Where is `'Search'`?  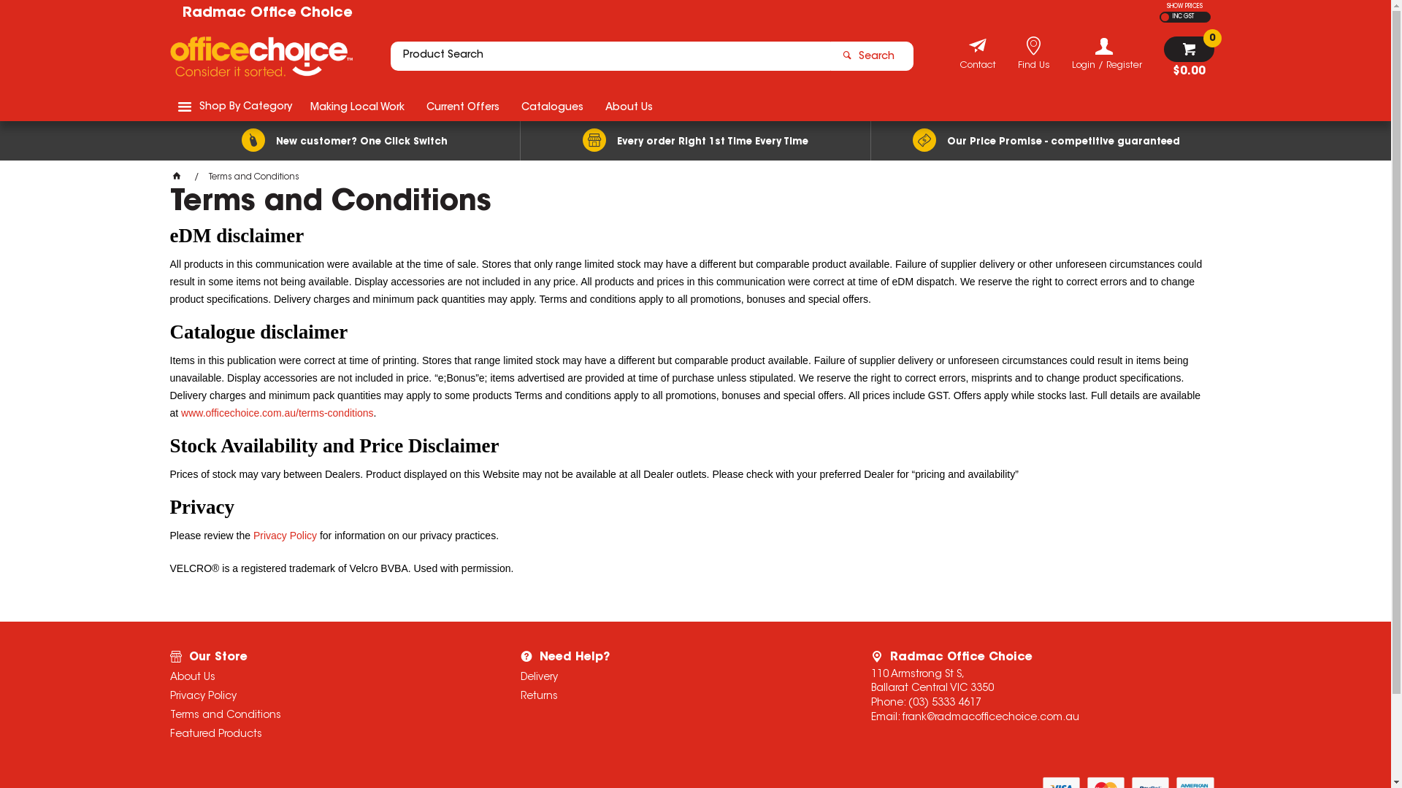 'Search' is located at coordinates (830, 55).